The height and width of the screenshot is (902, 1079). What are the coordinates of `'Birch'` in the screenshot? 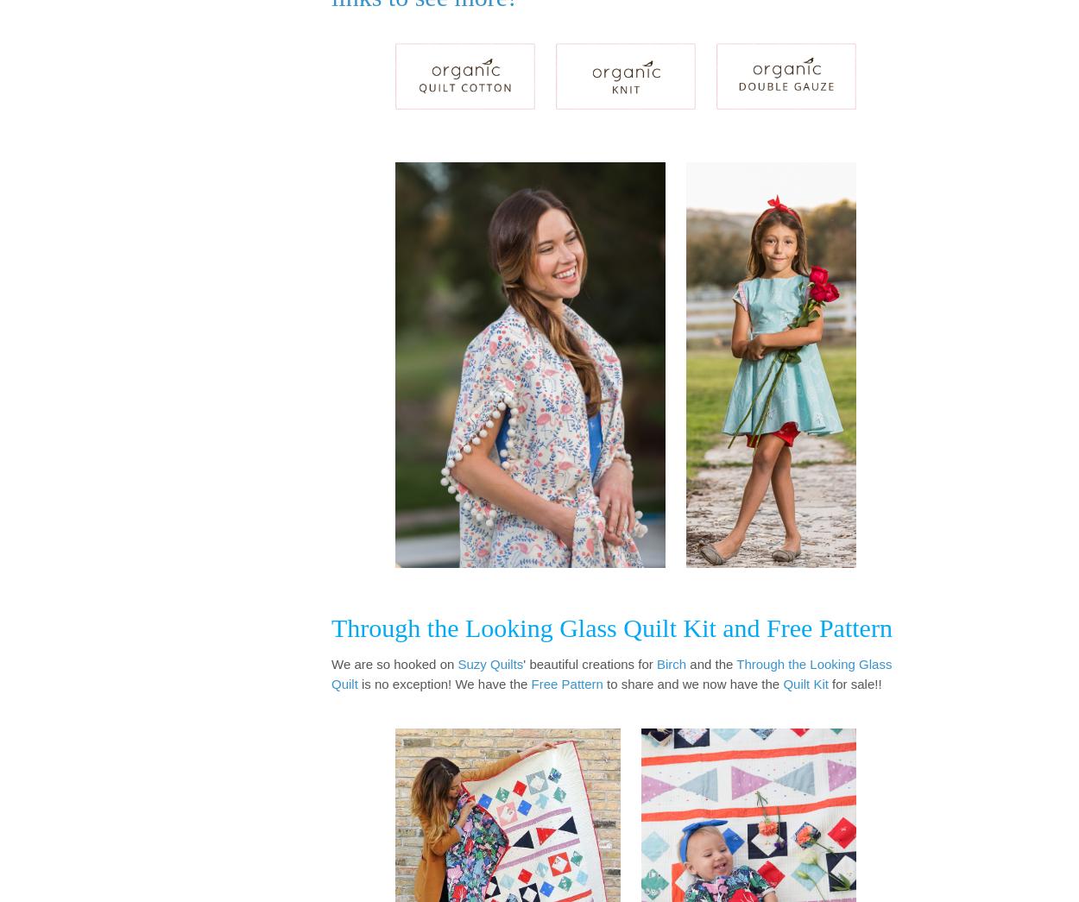 It's located at (671, 664).